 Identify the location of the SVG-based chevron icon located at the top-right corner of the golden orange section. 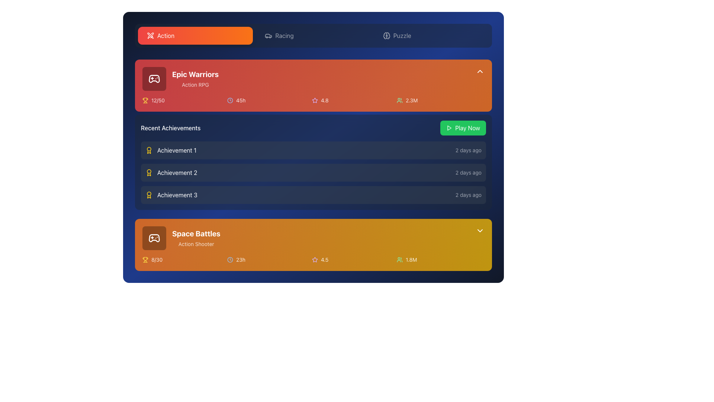
(480, 230).